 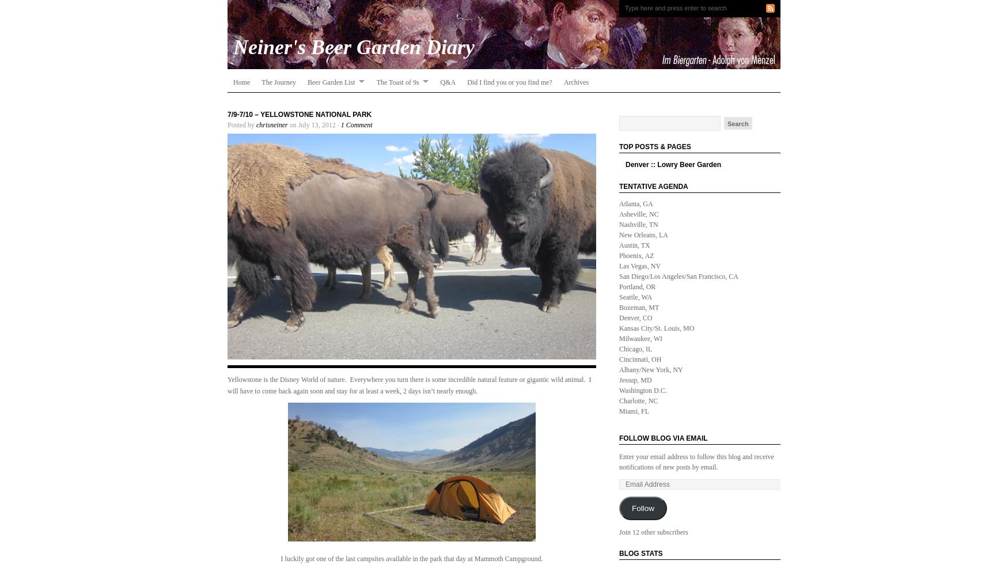 I want to click on 'Miami, FL', so click(x=634, y=410).